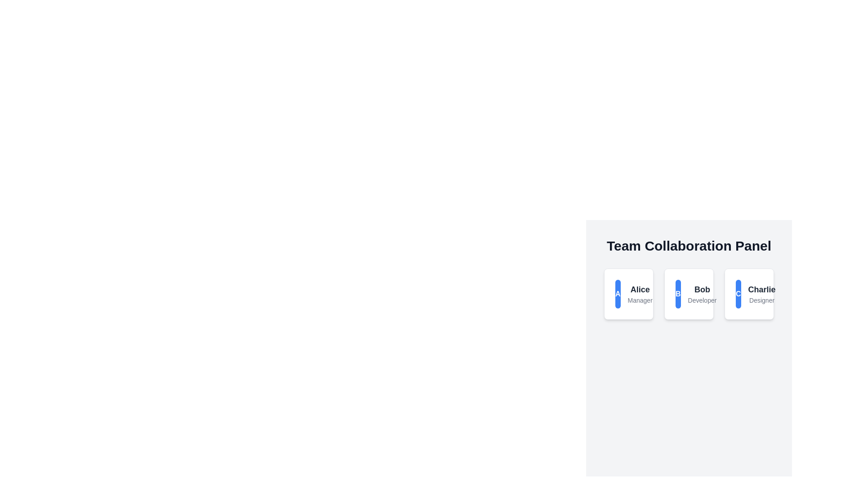  Describe the element at coordinates (628, 294) in the screenshot. I see `the Profile card featuring a blue circular icon with the letter 'A' and the text 'Alice' in bold` at that location.